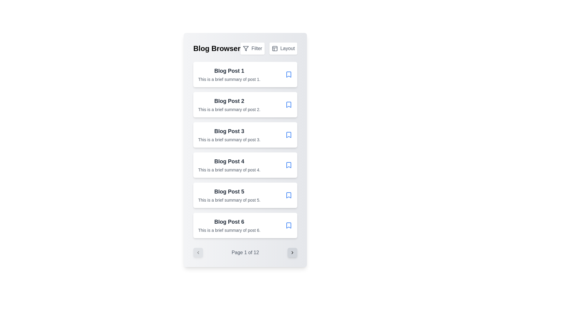 The image size is (580, 326). What do you see at coordinates (229, 71) in the screenshot?
I see `the static text label that serves as the title for the first blog post item, located above the description text 'This is a brief summary of post 1.'` at bounding box center [229, 71].